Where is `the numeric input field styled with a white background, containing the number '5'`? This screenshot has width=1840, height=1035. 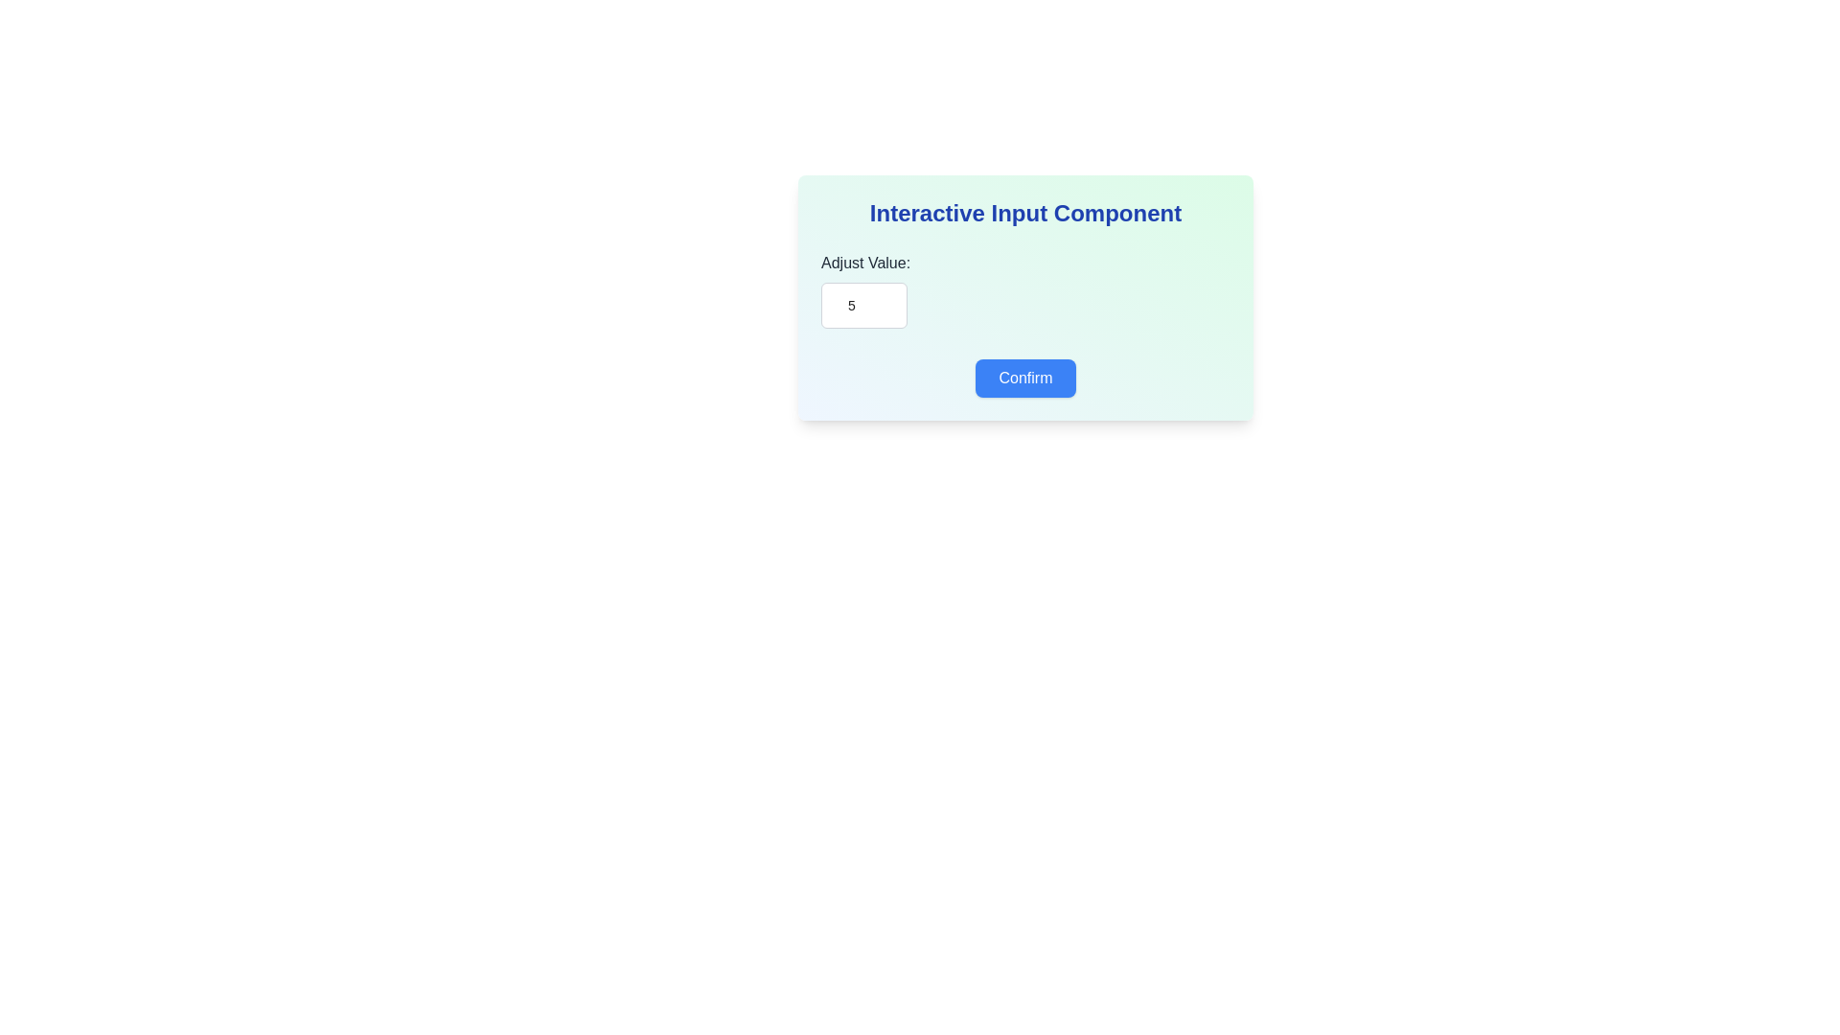
the numeric input field styled with a white background, containing the number '5' is located at coordinates (863, 305).